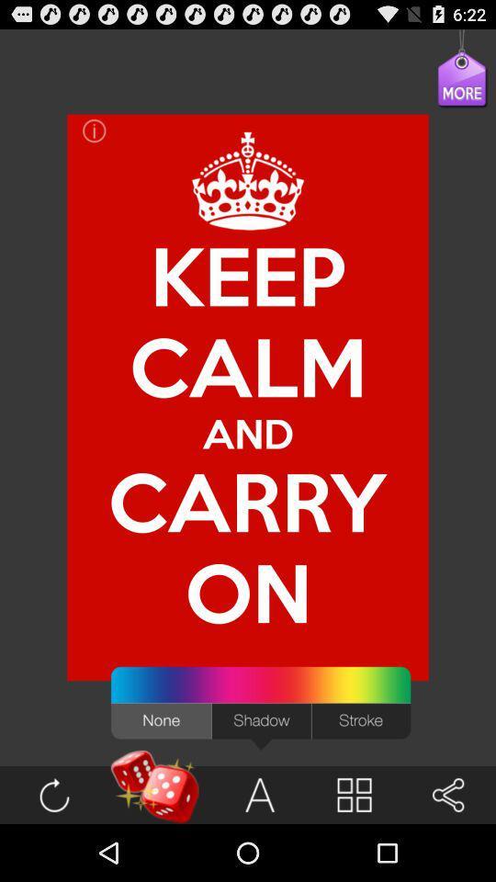  What do you see at coordinates (94, 130) in the screenshot?
I see `the item at the top left corner` at bounding box center [94, 130].